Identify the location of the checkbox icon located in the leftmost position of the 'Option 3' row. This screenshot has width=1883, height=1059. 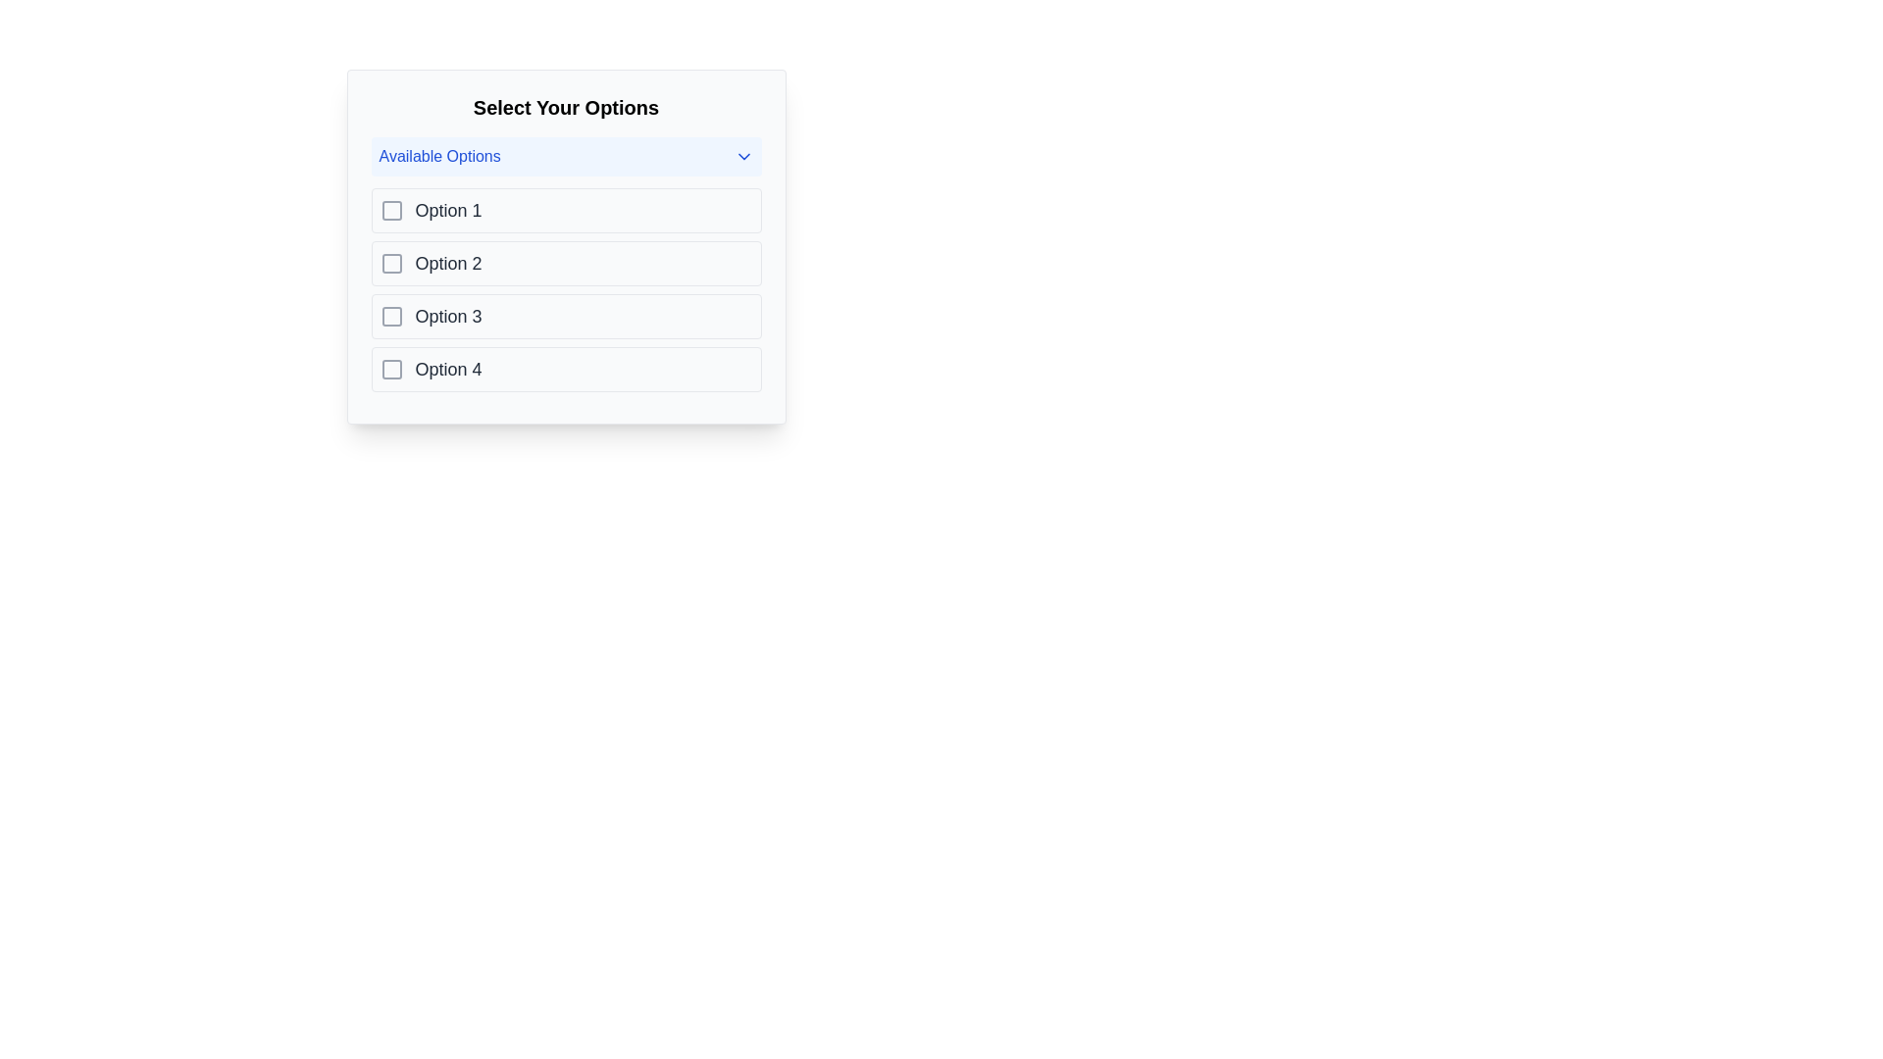
(391, 316).